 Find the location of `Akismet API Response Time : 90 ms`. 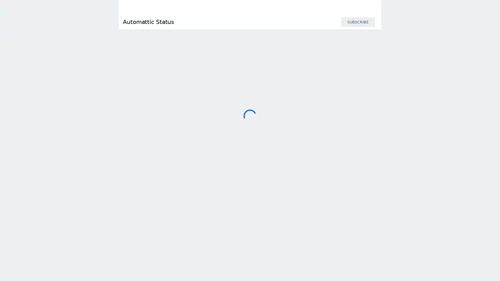

Akismet API Response Time : 90 ms is located at coordinates (218, 95).